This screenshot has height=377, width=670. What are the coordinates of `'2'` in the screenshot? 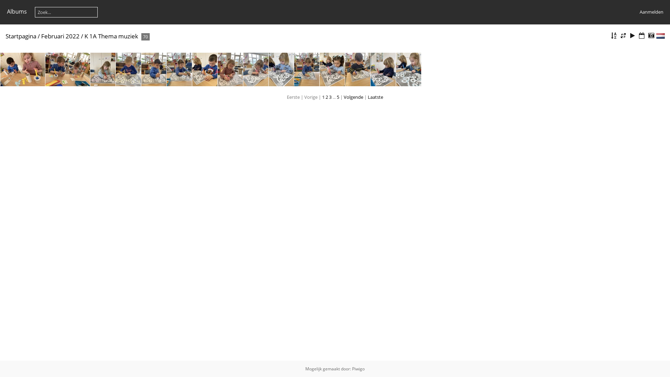 It's located at (326, 97).